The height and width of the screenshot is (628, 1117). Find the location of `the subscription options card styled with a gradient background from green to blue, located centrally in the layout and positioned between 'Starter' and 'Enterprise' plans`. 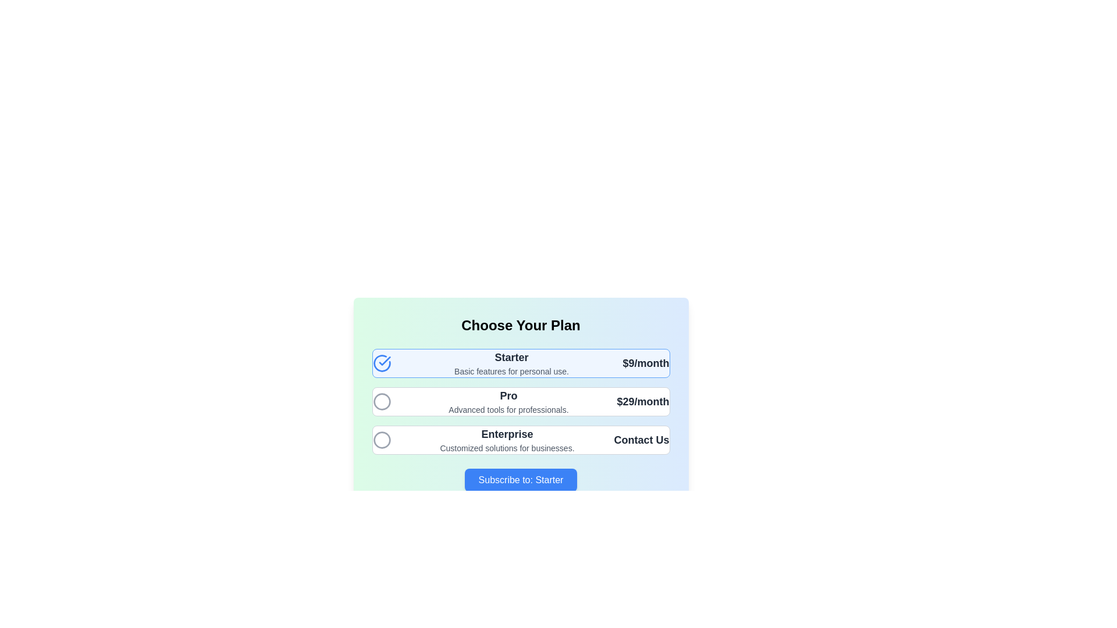

the subscription options card styled with a gradient background from green to blue, located centrally in the layout and positioned between 'Starter' and 'Enterprise' plans is located at coordinates (520, 403).